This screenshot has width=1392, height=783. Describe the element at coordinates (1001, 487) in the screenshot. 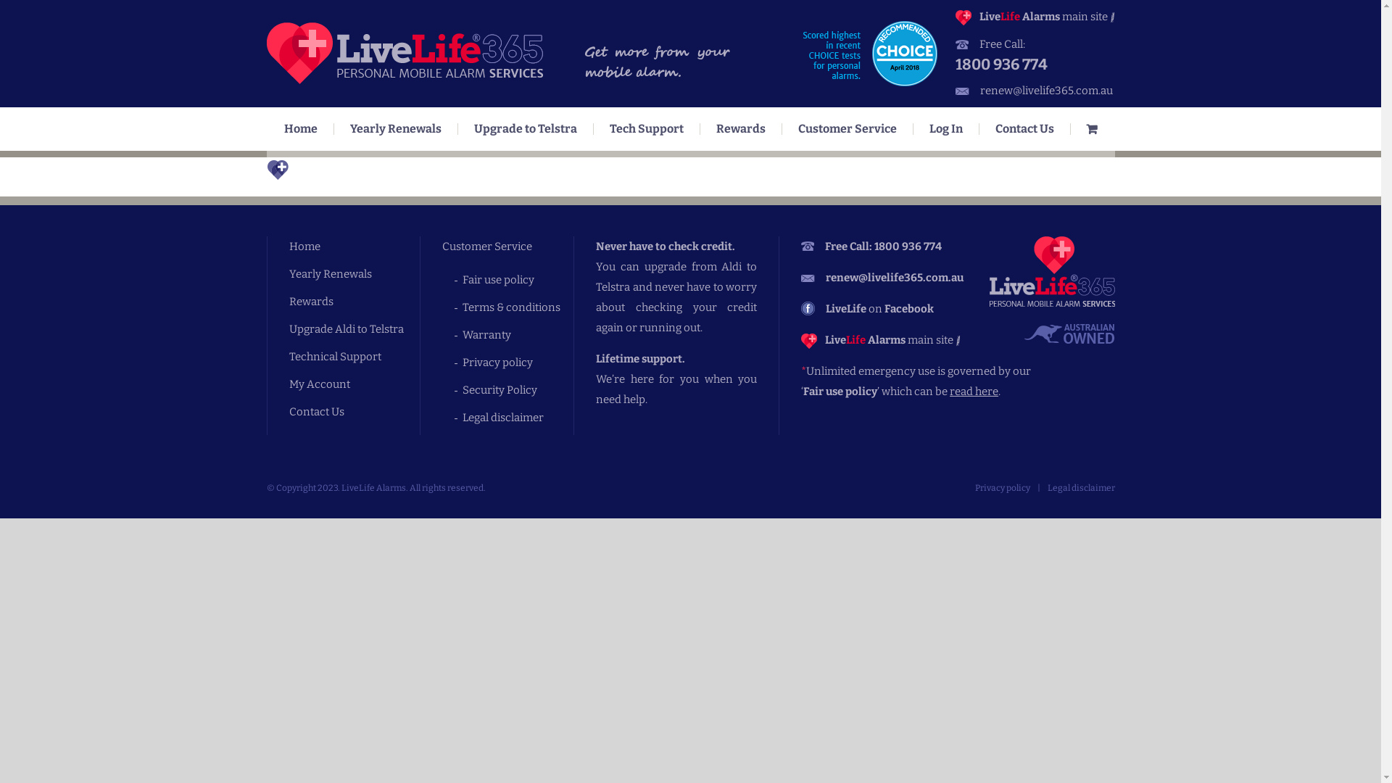

I see `'Privacy policy'` at that location.